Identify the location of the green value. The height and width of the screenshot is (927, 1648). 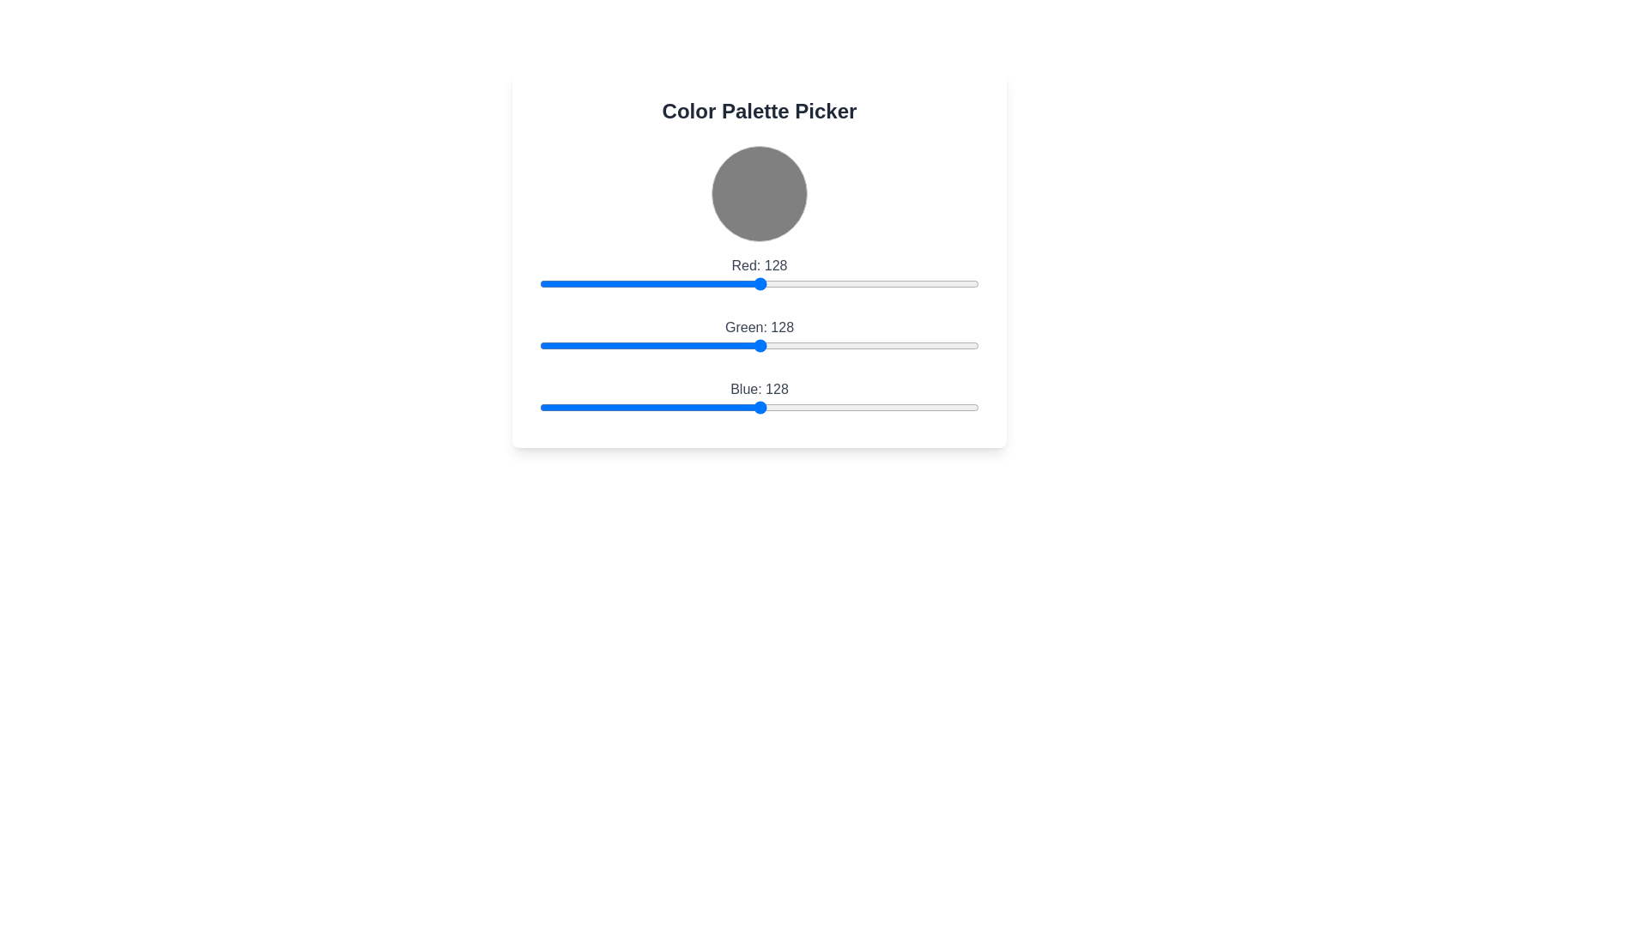
(715, 345).